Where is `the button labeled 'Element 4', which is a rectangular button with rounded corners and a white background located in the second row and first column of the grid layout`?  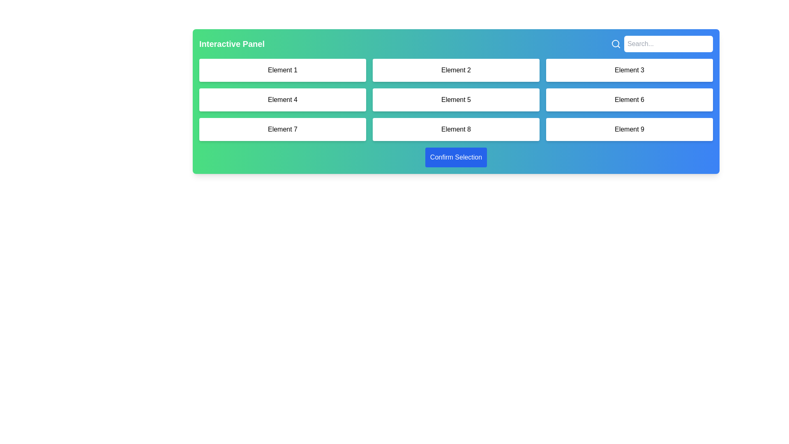 the button labeled 'Element 4', which is a rectangular button with rounded corners and a white background located in the second row and first column of the grid layout is located at coordinates (282, 99).